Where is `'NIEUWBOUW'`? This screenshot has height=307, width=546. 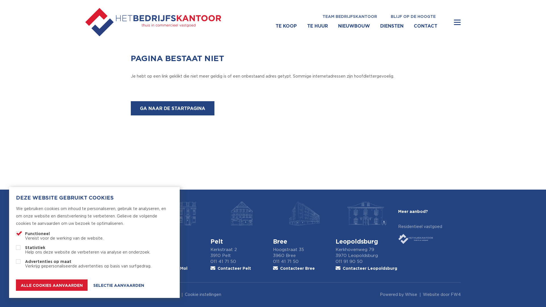
'NIEUWBOUW' is located at coordinates (353, 26).